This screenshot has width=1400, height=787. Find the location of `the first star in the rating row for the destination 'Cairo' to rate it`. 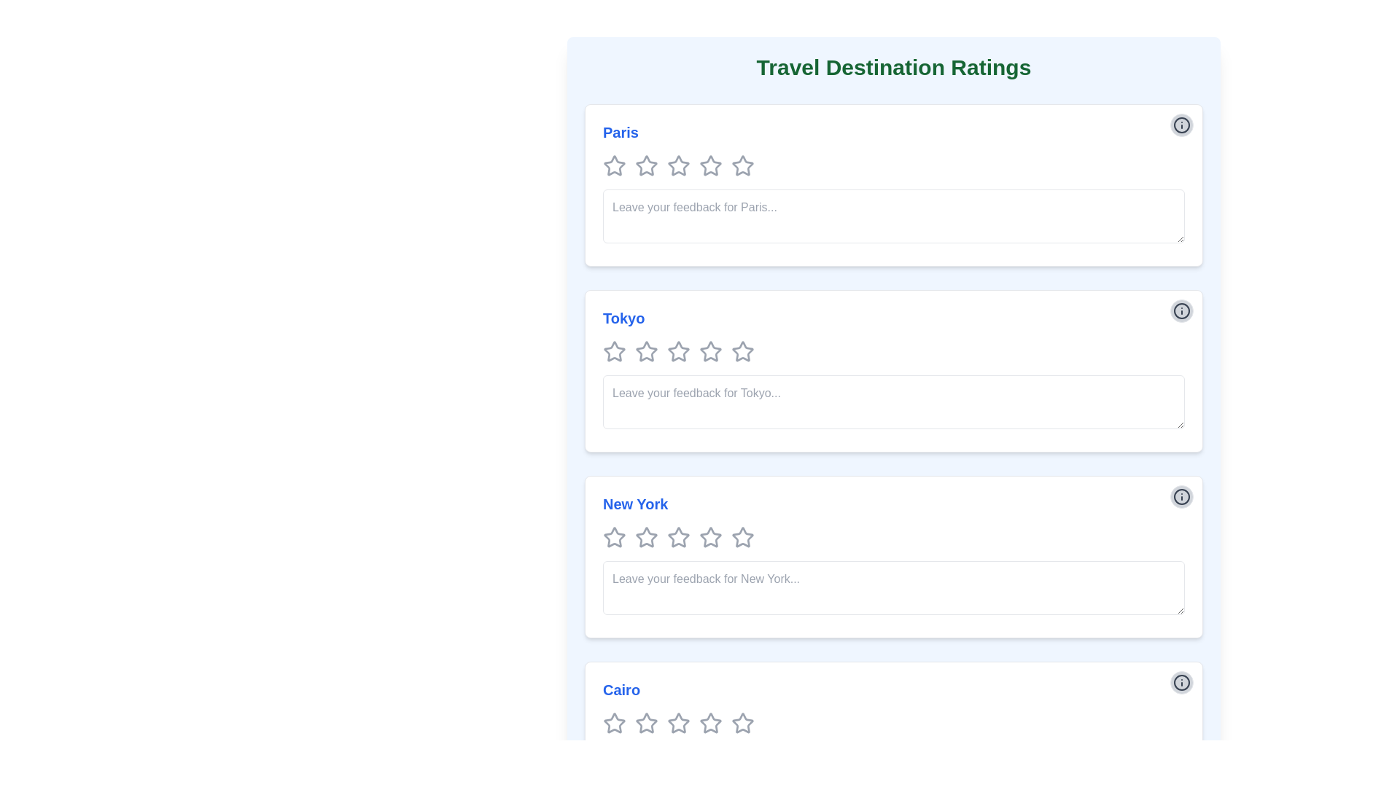

the first star in the rating row for the destination 'Cairo' to rate it is located at coordinates (615, 723).